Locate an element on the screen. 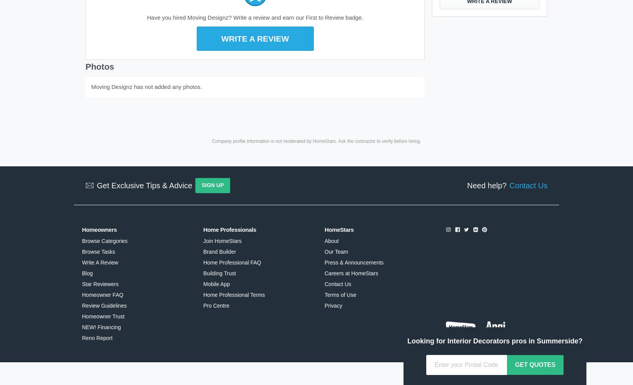 The width and height of the screenshot is (633, 385). 'Pro Centre' is located at coordinates (216, 305).